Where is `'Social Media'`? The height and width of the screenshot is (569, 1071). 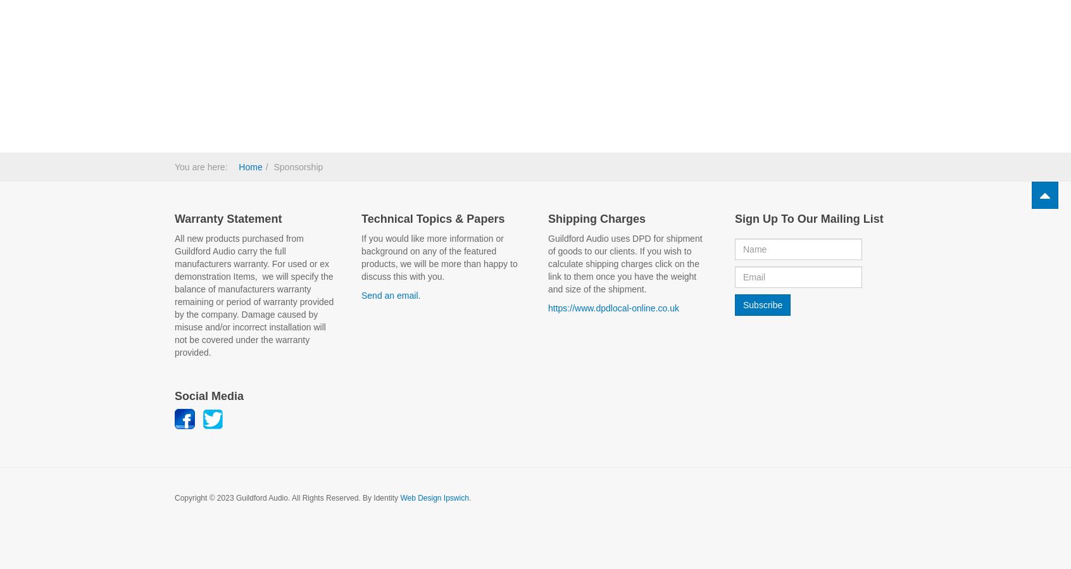
'Social Media' is located at coordinates (174, 394).